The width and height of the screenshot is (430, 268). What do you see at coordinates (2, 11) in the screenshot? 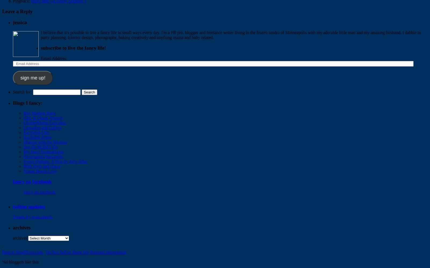
I see `'Leave a Reply'` at bounding box center [2, 11].